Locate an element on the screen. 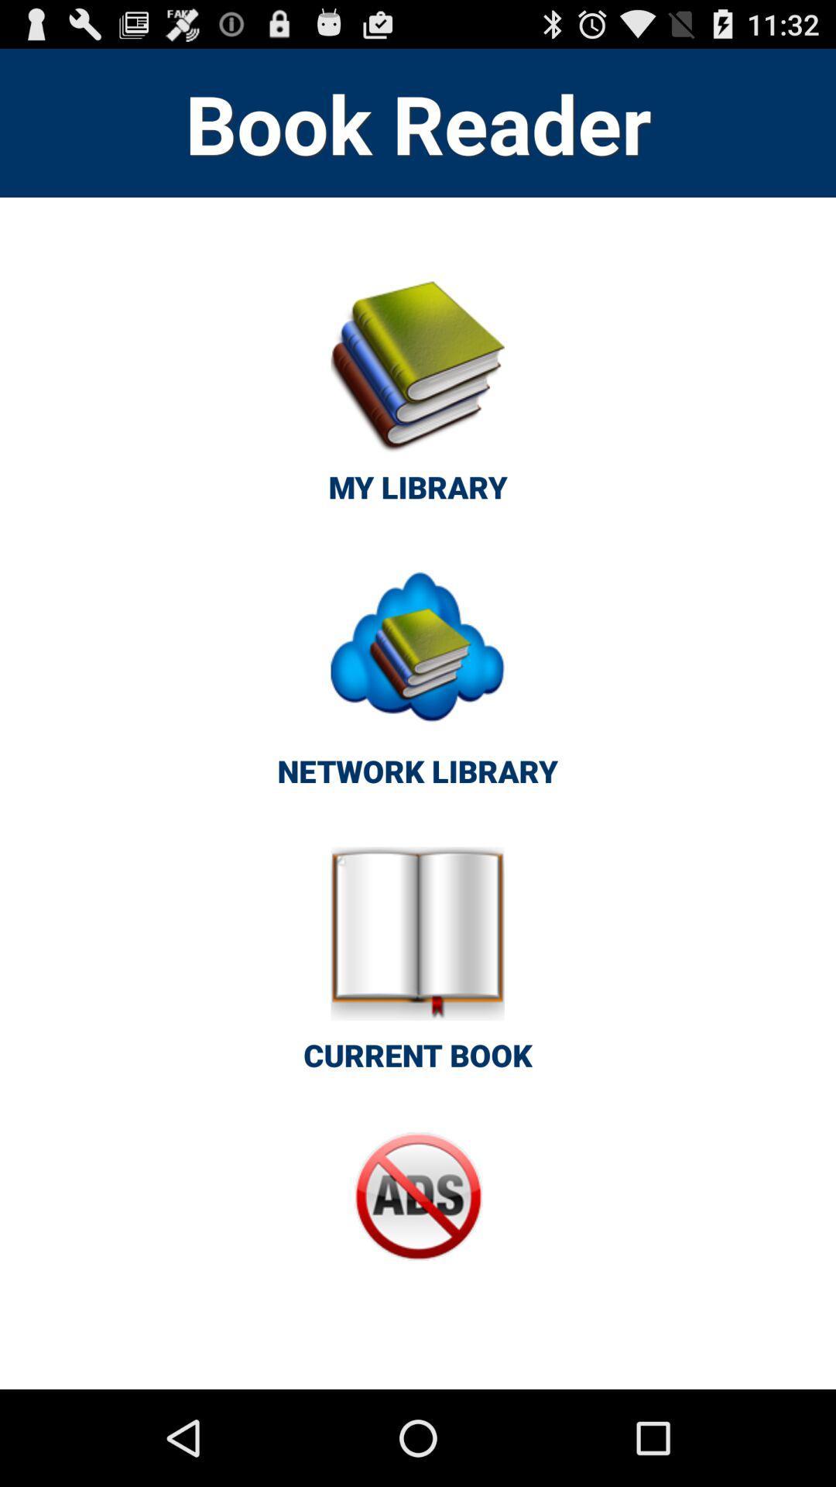 This screenshot has height=1487, width=836. the my library is located at coordinates (418, 400).